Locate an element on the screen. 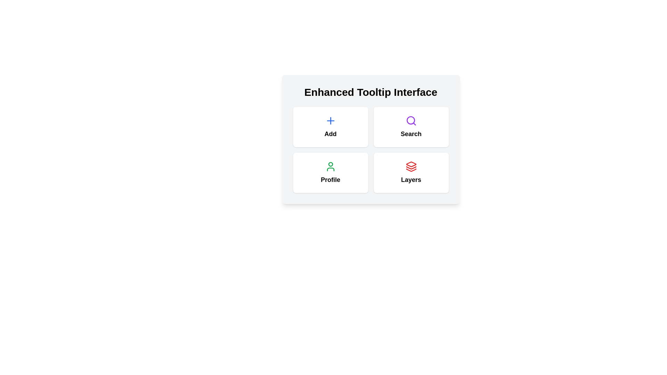  the static text label reading 'Layers', which is styled with a bold font and is located beneath a red icon representing layers in the bottom-right corner of the grid layout is located at coordinates (411, 179).